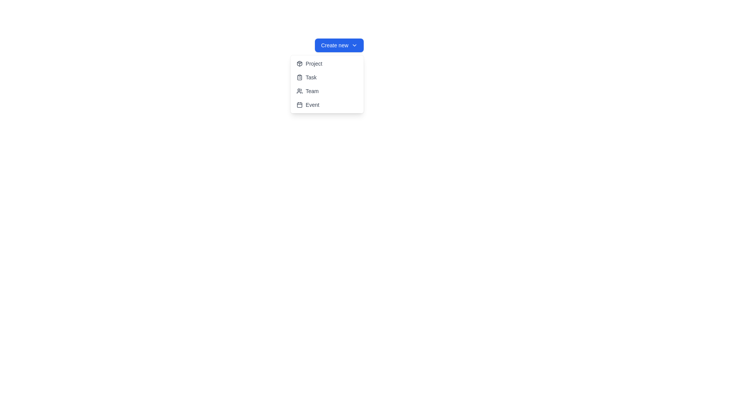 The image size is (732, 412). I want to click on the colorful clipboard graphic icon located to the left of the 'Task' text label in the second row of the menu, so click(299, 77).